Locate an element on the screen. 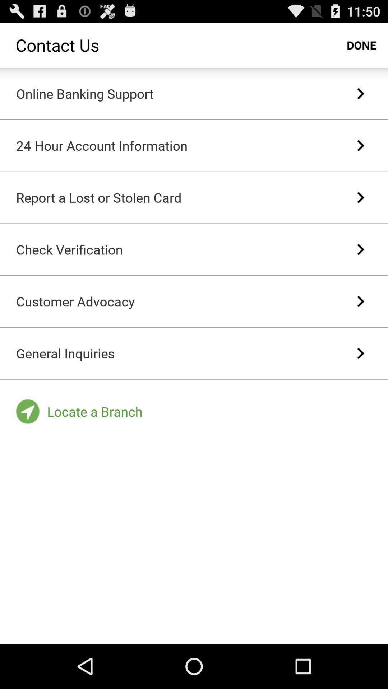 The image size is (388, 689). the item next to the online banking support is located at coordinates (360, 93).